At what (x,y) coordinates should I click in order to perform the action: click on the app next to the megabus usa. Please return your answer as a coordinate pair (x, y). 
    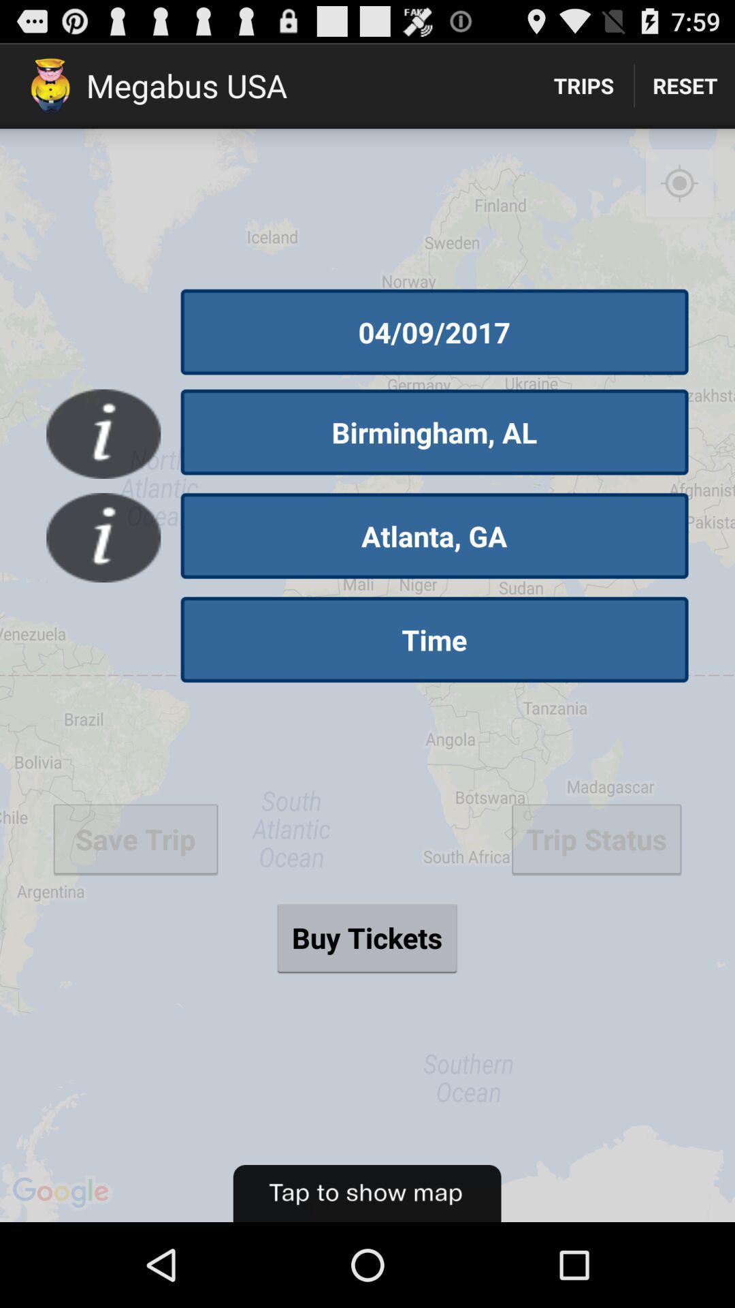
    Looking at the image, I should click on (583, 84).